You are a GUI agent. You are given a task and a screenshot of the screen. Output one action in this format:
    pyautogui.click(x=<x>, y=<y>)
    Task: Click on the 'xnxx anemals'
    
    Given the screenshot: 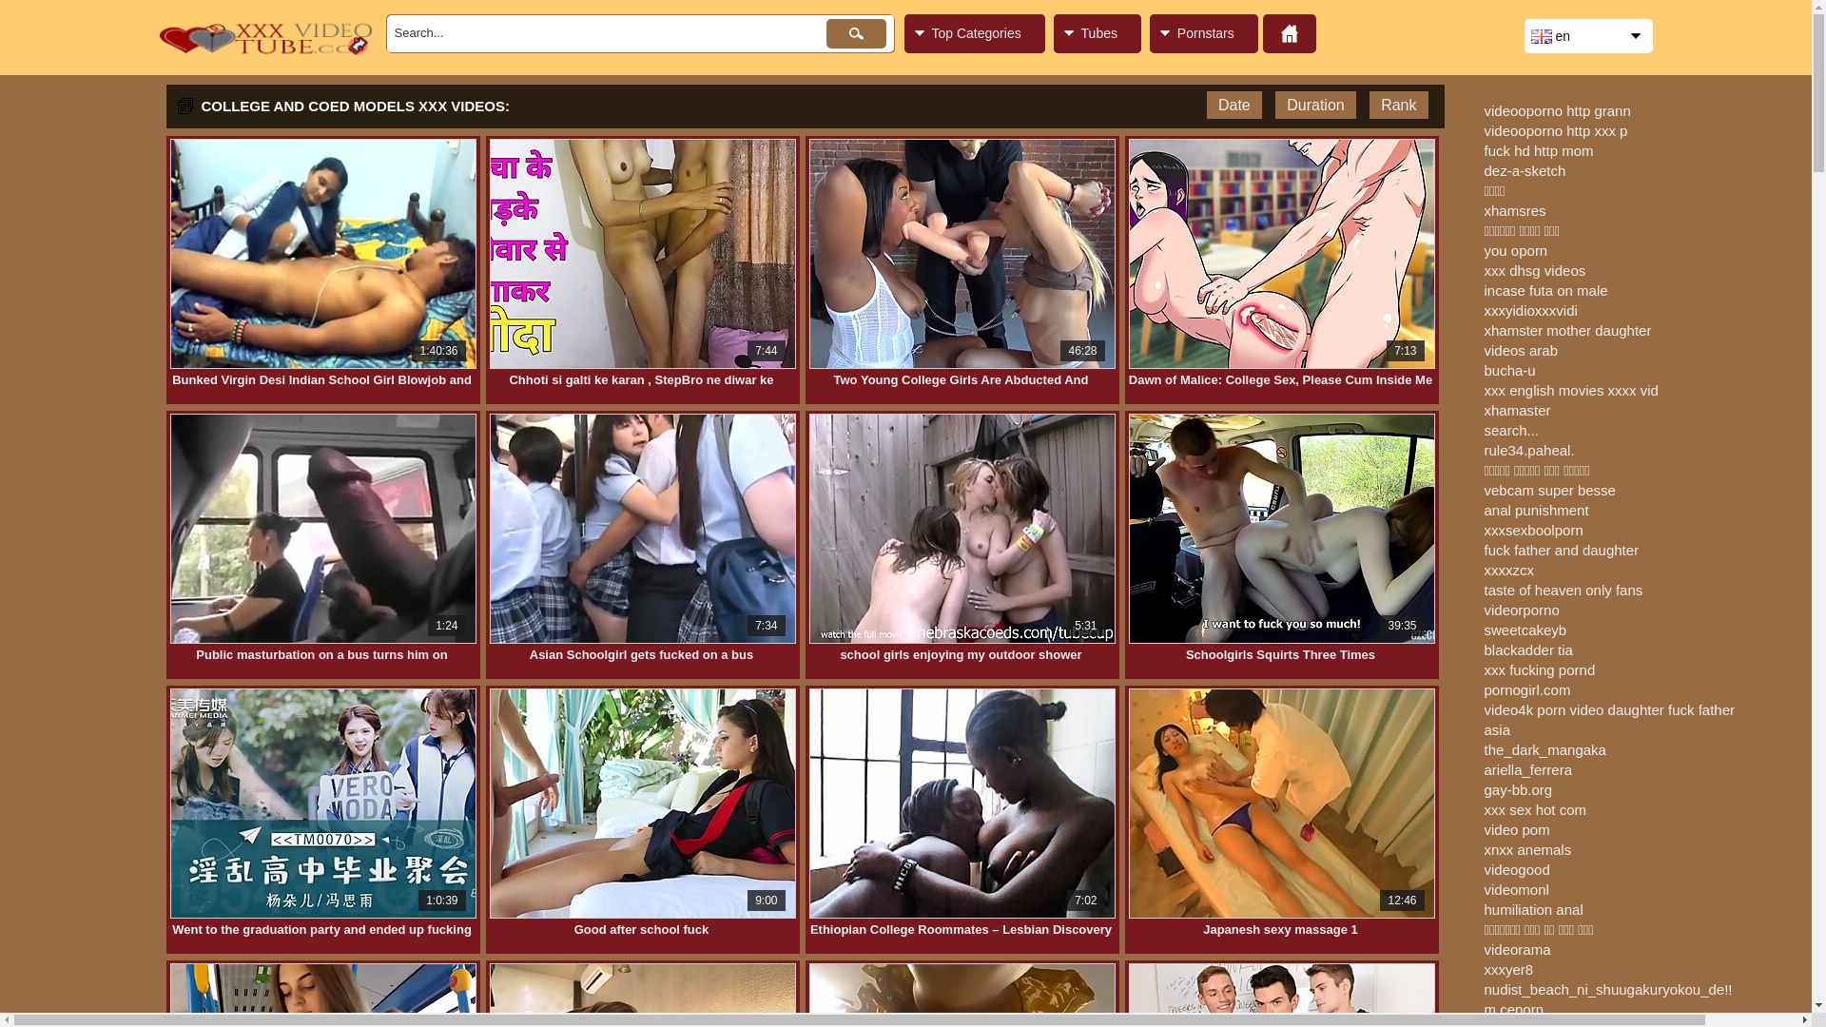 What is the action you would take?
    pyautogui.click(x=1527, y=848)
    